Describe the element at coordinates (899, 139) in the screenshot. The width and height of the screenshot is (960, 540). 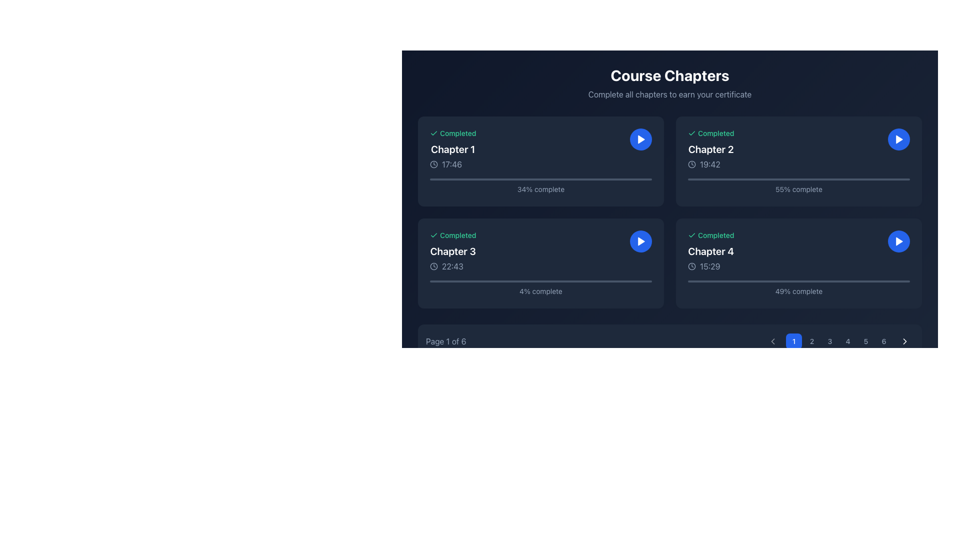
I see `the play button for Chapter 2, located at the top-right corner of its card` at that location.